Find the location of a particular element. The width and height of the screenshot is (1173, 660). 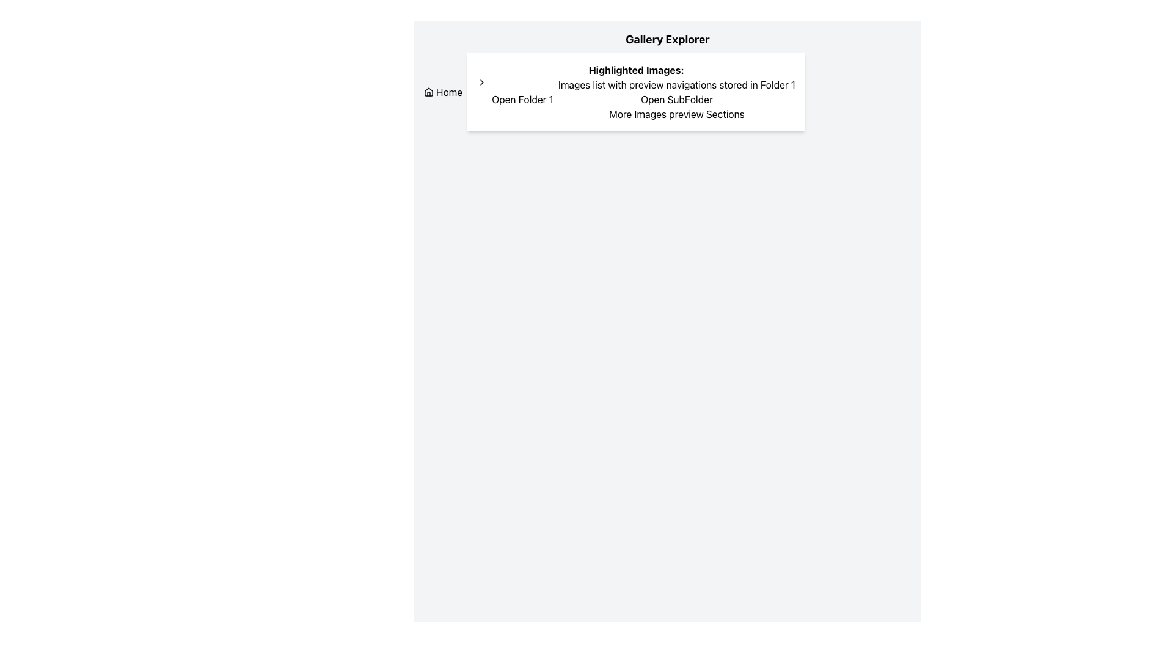

the 'Home' button, which is styled with a primary color and features a house icon along with the text label 'Home' is located at coordinates (442, 91).